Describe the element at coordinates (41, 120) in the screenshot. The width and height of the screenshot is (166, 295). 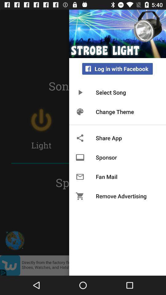
I see `the power icon` at that location.